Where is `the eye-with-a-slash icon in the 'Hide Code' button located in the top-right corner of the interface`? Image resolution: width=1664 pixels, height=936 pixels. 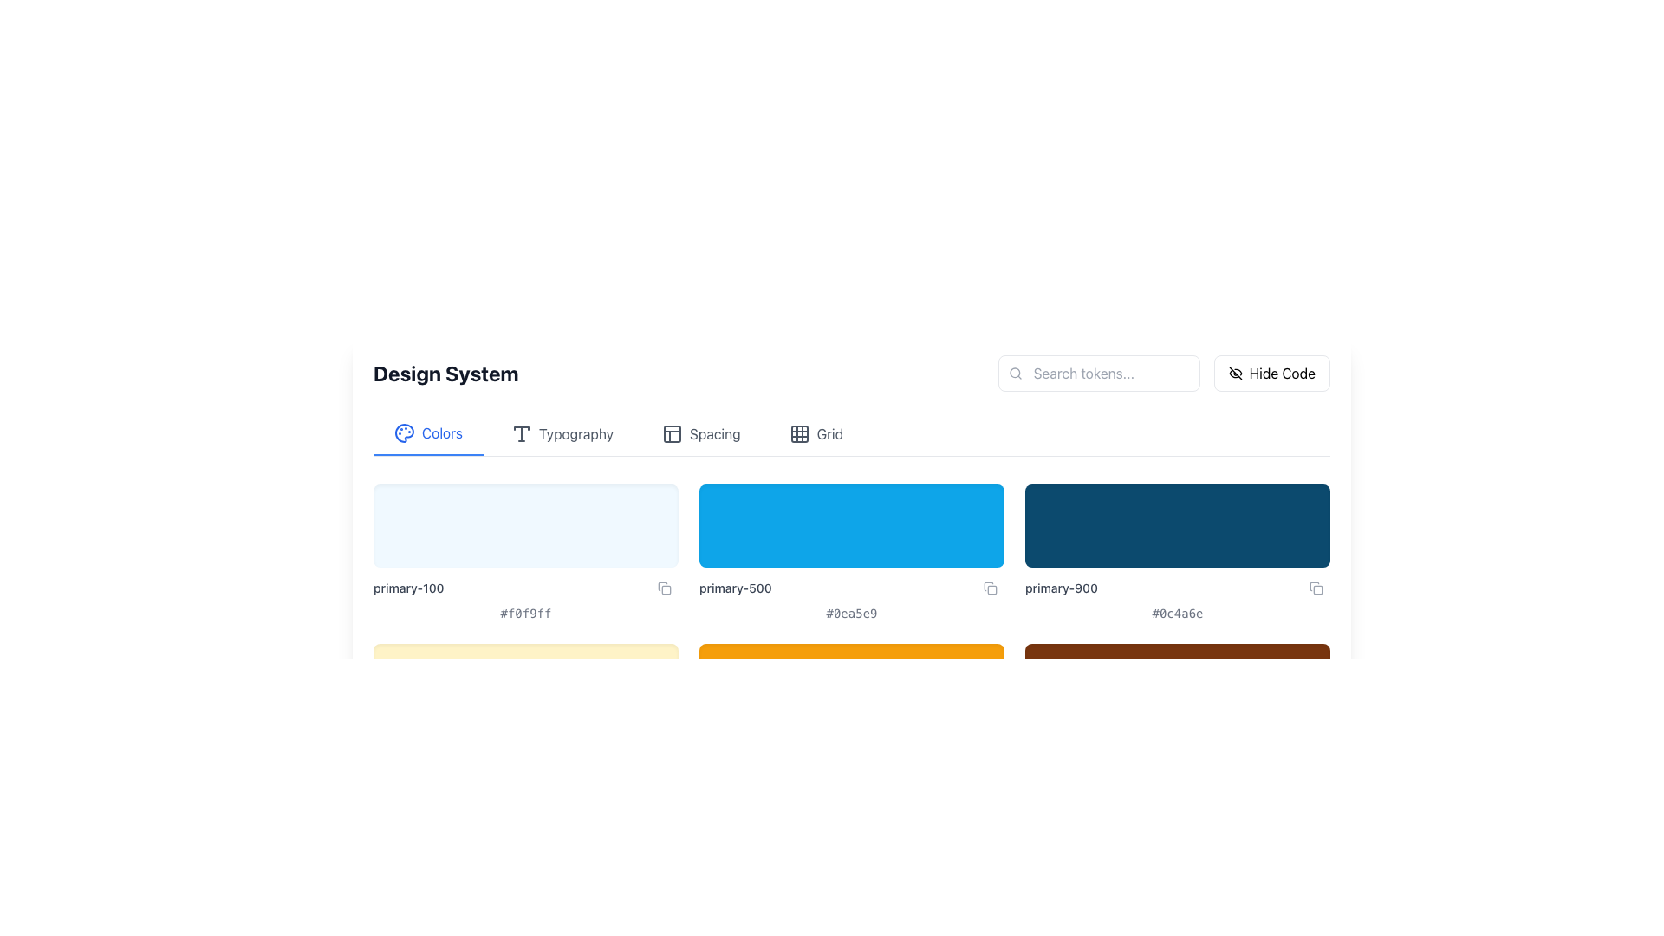
the eye-with-a-slash icon in the 'Hide Code' button located in the top-right corner of the interface is located at coordinates (1234, 373).